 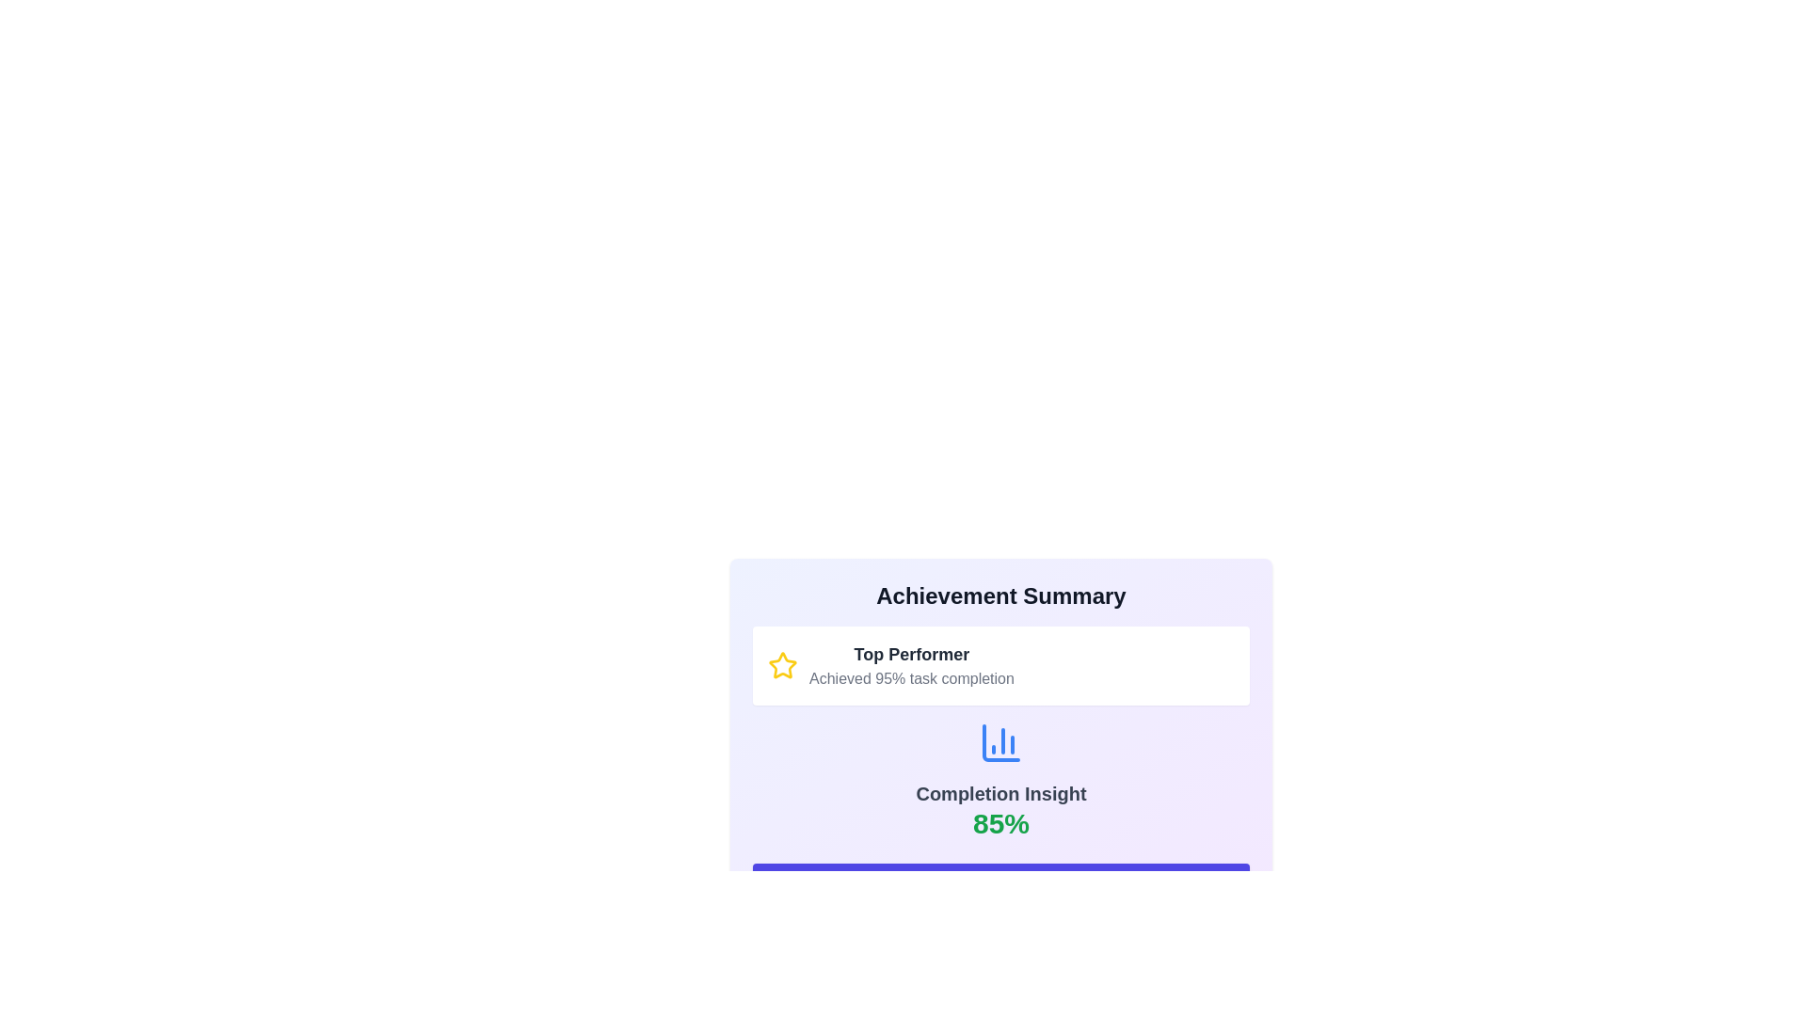 What do you see at coordinates (1000, 822) in the screenshot?
I see `the static text label that displays the completion percentage, positioned centrally below the 'Completion Insight' sibling element` at bounding box center [1000, 822].